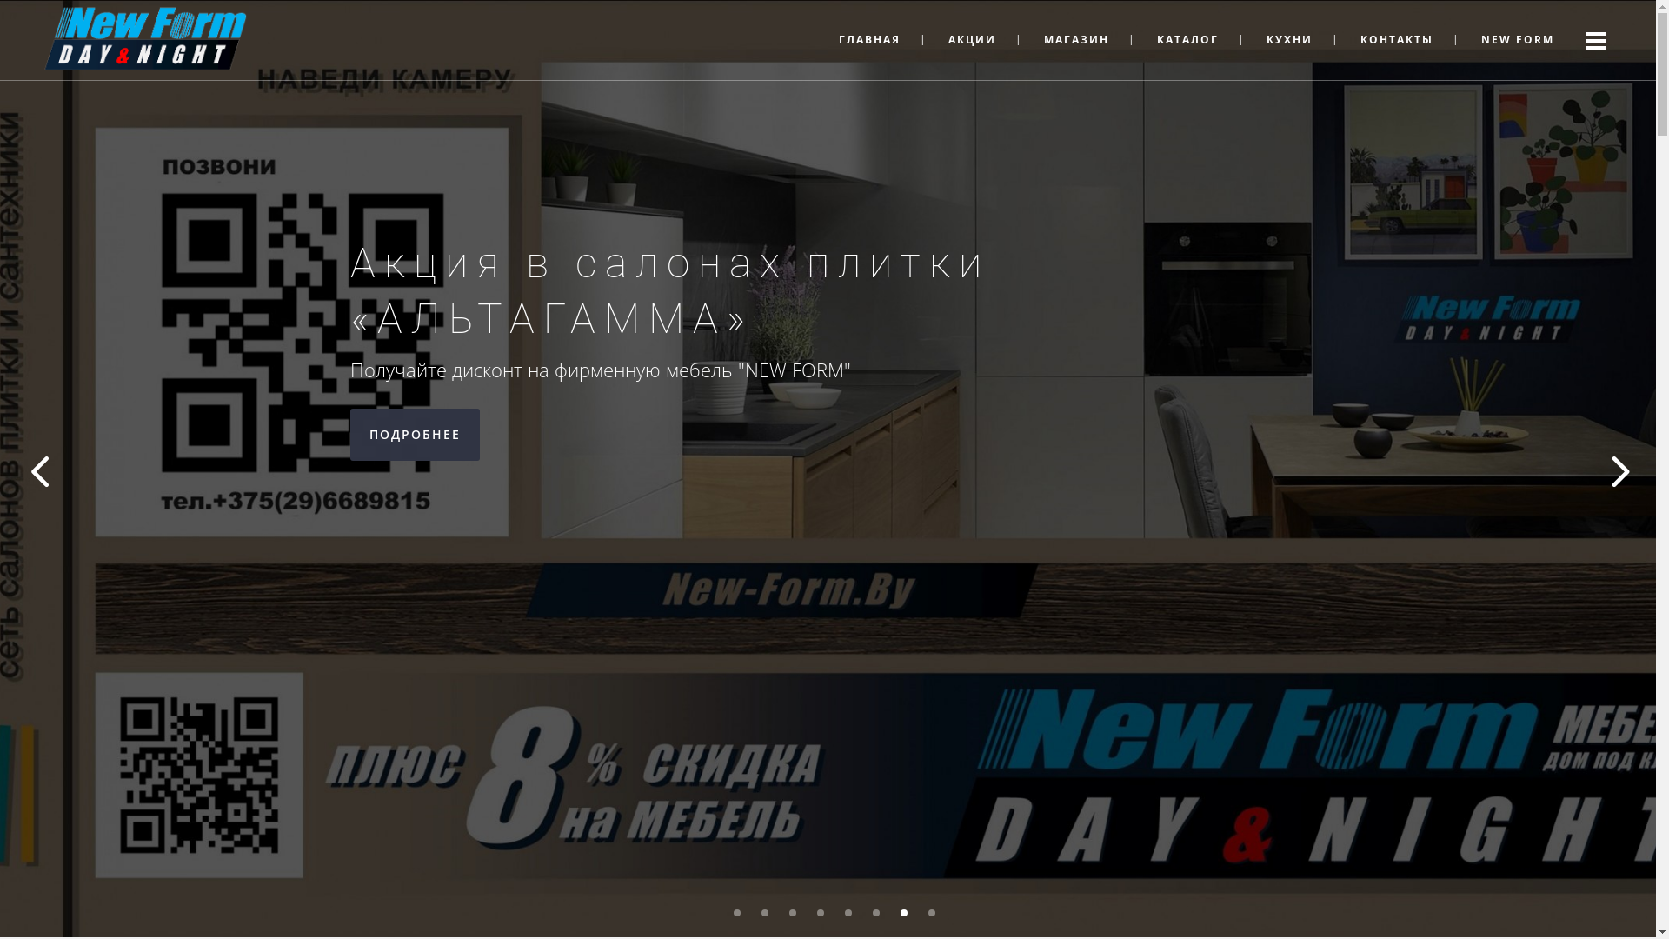 The width and height of the screenshot is (1669, 939). Describe the element at coordinates (1596, 39) in the screenshot. I see `' '` at that location.